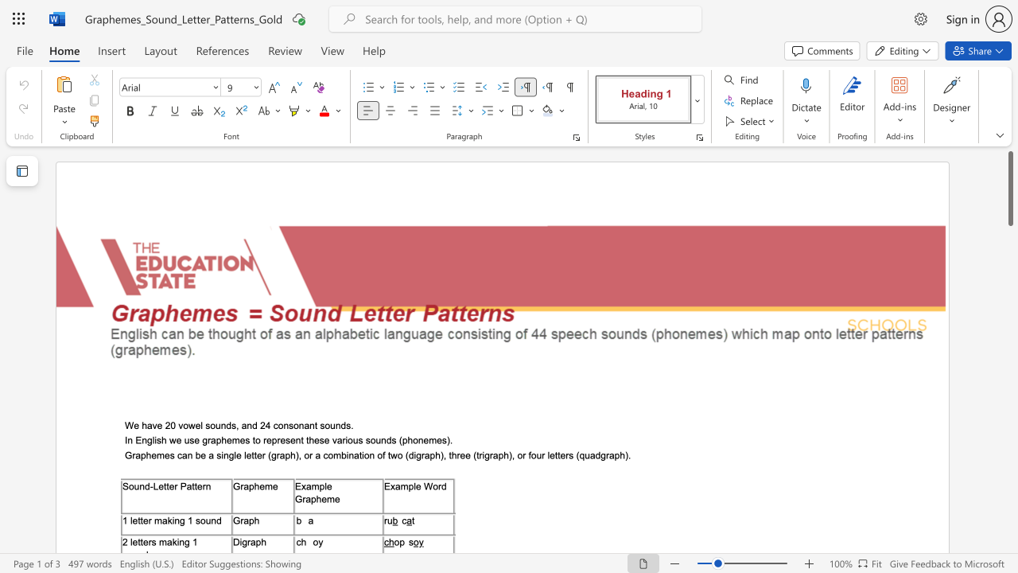 This screenshot has width=1018, height=573. Describe the element at coordinates (1009, 454) in the screenshot. I see `the scrollbar to move the view down` at that location.